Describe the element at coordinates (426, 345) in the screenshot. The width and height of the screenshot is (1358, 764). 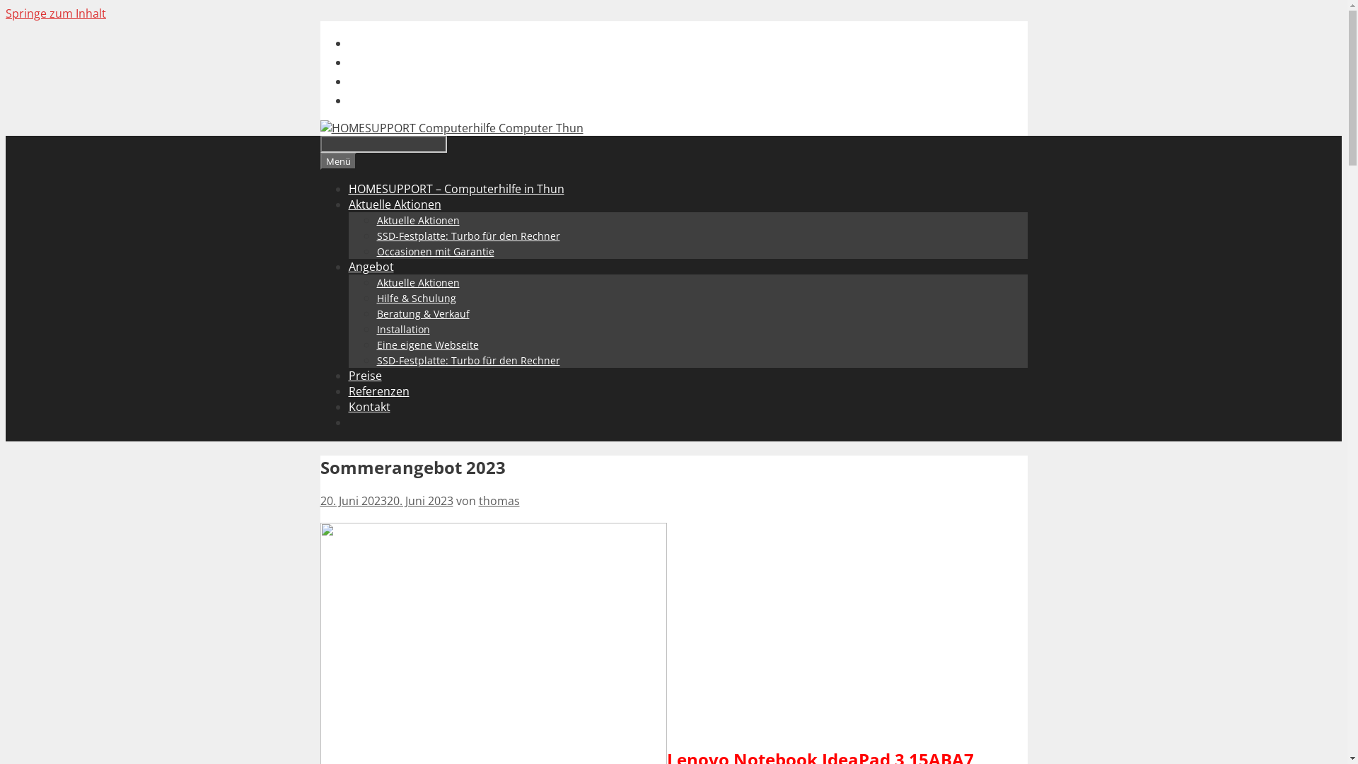
I see `'Eine eigene Webseite'` at that location.